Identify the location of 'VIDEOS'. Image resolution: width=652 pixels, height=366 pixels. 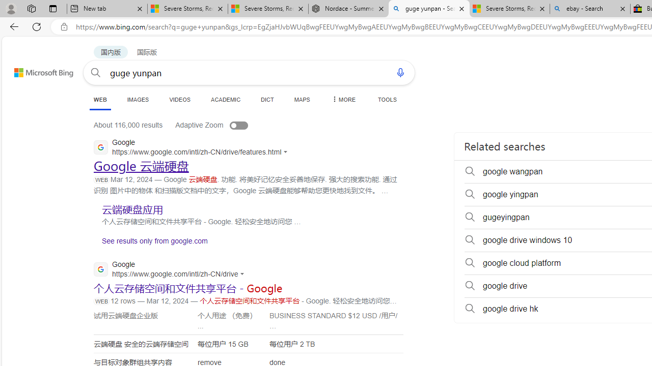
(180, 99).